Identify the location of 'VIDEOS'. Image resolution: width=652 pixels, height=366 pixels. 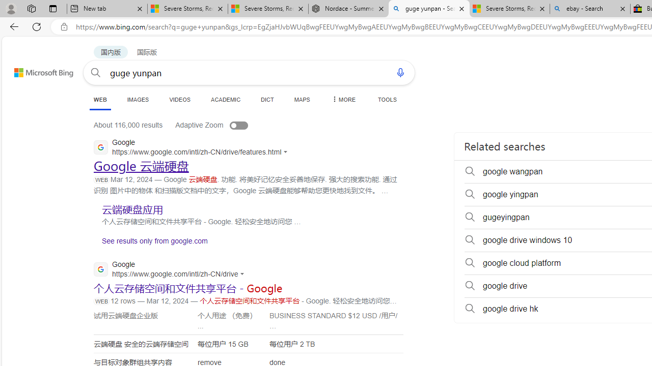
(180, 99).